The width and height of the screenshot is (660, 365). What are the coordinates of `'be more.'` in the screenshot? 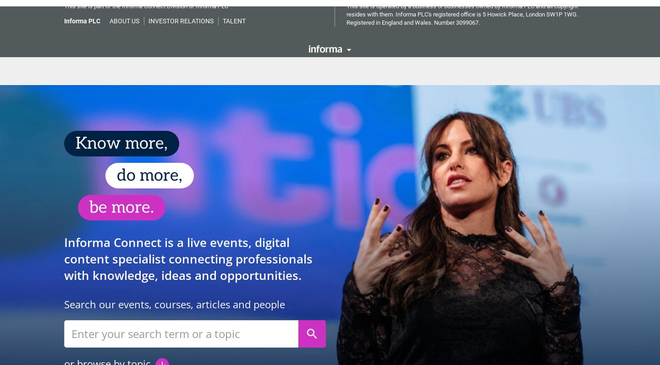 It's located at (89, 201).